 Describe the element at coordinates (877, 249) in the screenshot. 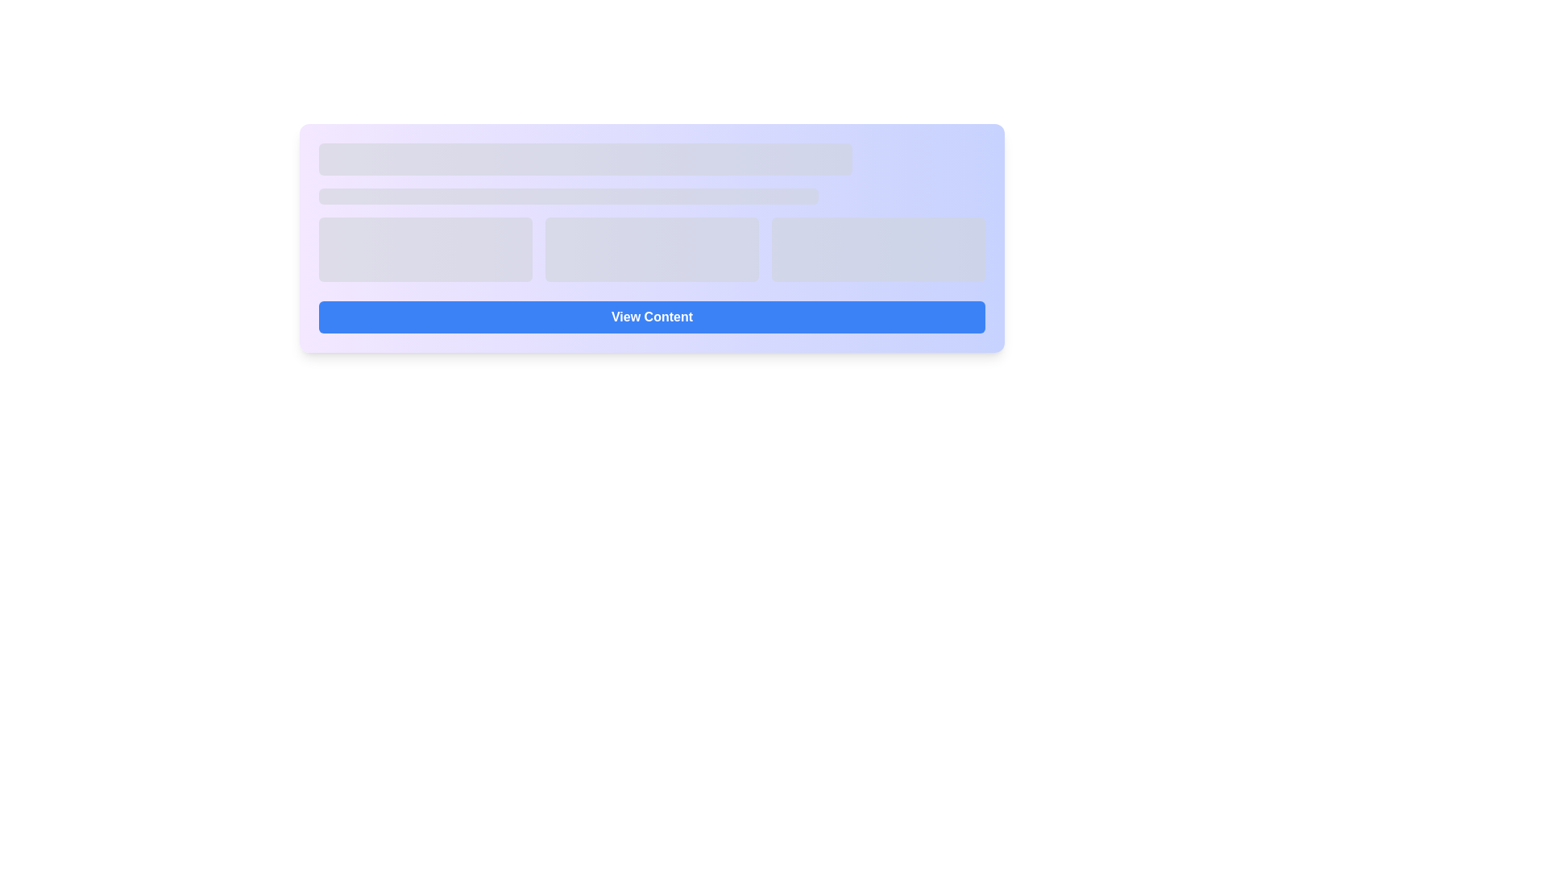

I see `the Placeholder element located in the third column of the grid layout, which serves as a dynamic content placeholder` at that location.